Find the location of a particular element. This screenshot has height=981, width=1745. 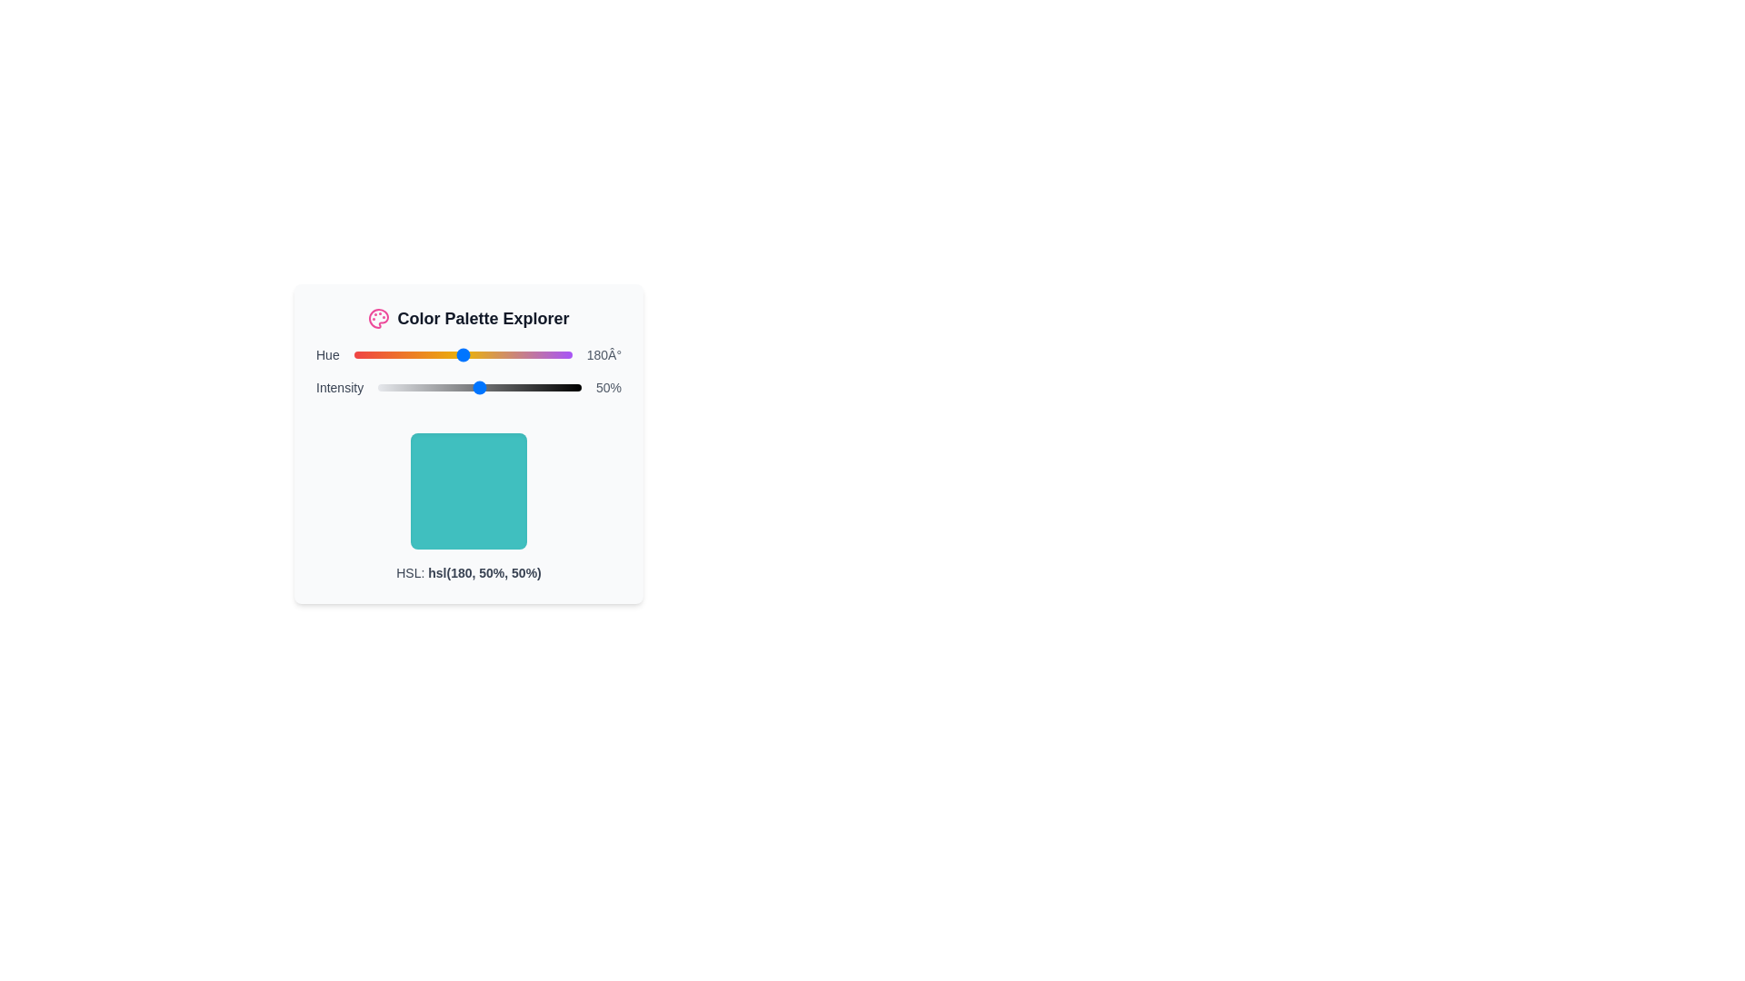

the intensity slider to set the intensity to 6% is located at coordinates (389, 387).